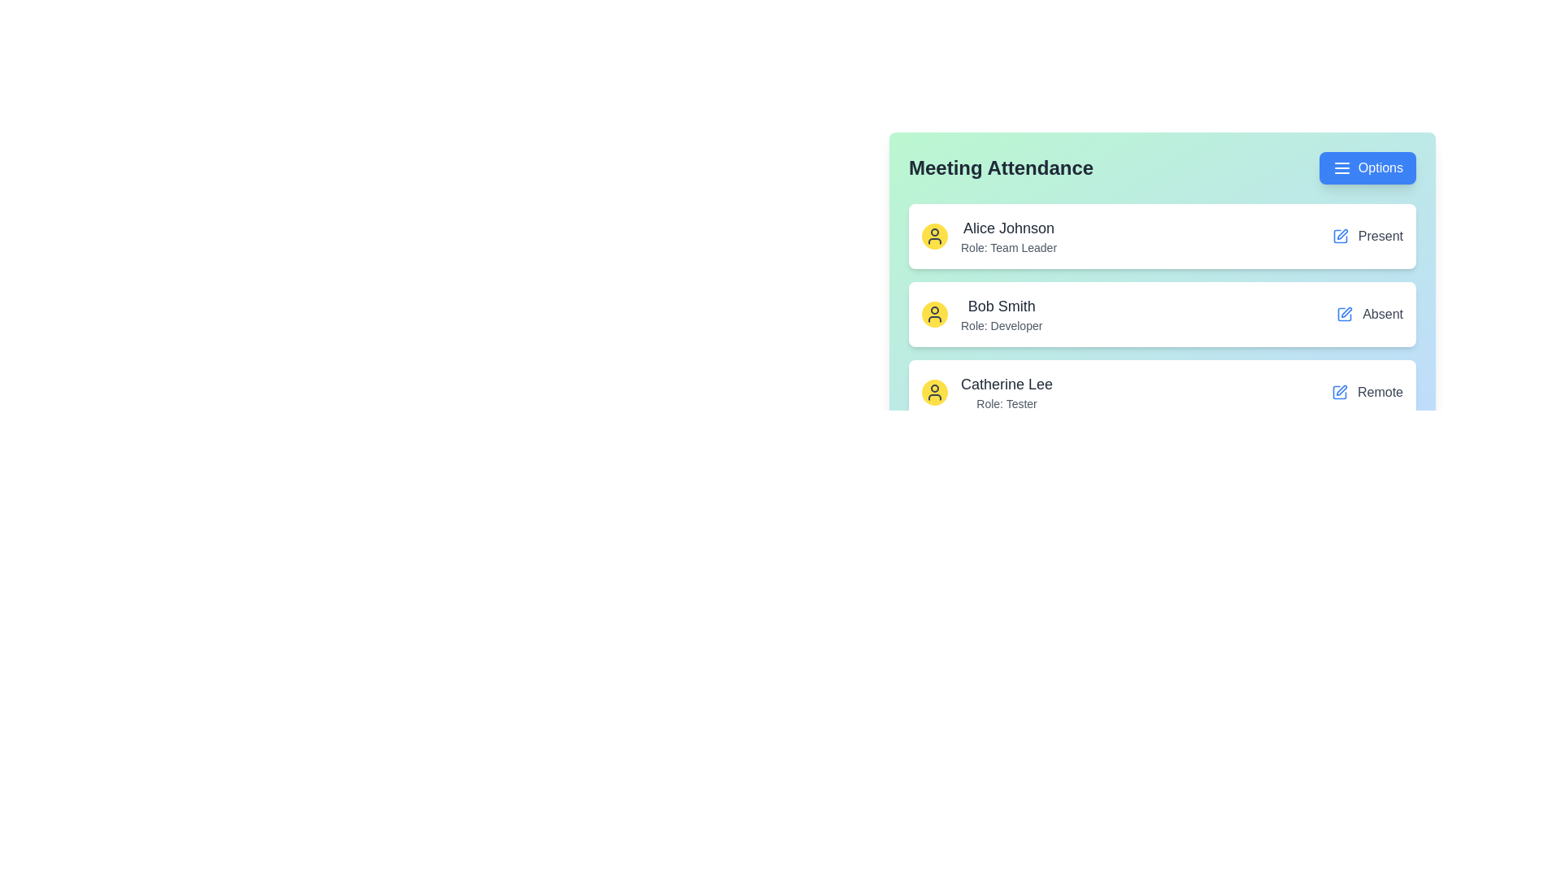  What do you see at coordinates (1162, 314) in the screenshot?
I see `the Information Row that displays details of a team member, positioned between 'Alice Johnson' and 'Catherine Lee'` at bounding box center [1162, 314].